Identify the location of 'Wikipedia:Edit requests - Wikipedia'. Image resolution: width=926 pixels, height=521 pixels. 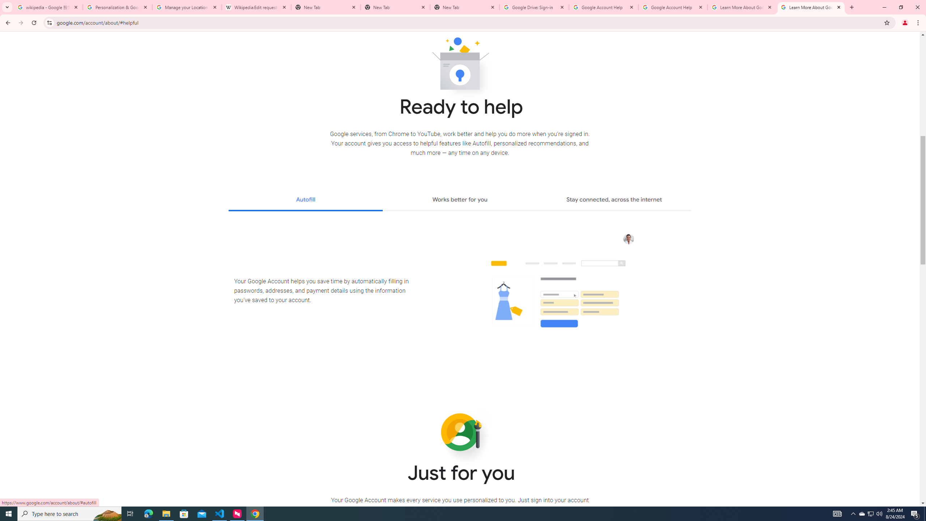
(256, 7).